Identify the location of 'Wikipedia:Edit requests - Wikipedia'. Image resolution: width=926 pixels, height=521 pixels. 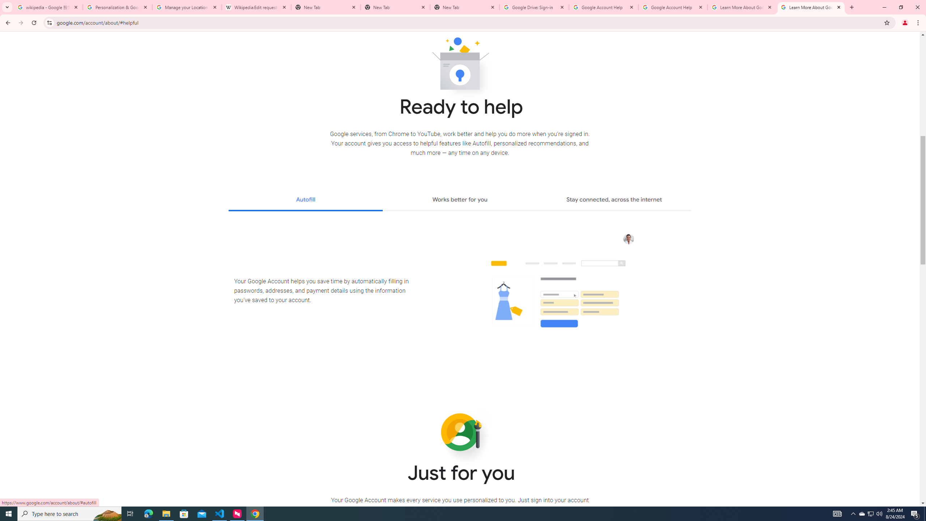
(256, 7).